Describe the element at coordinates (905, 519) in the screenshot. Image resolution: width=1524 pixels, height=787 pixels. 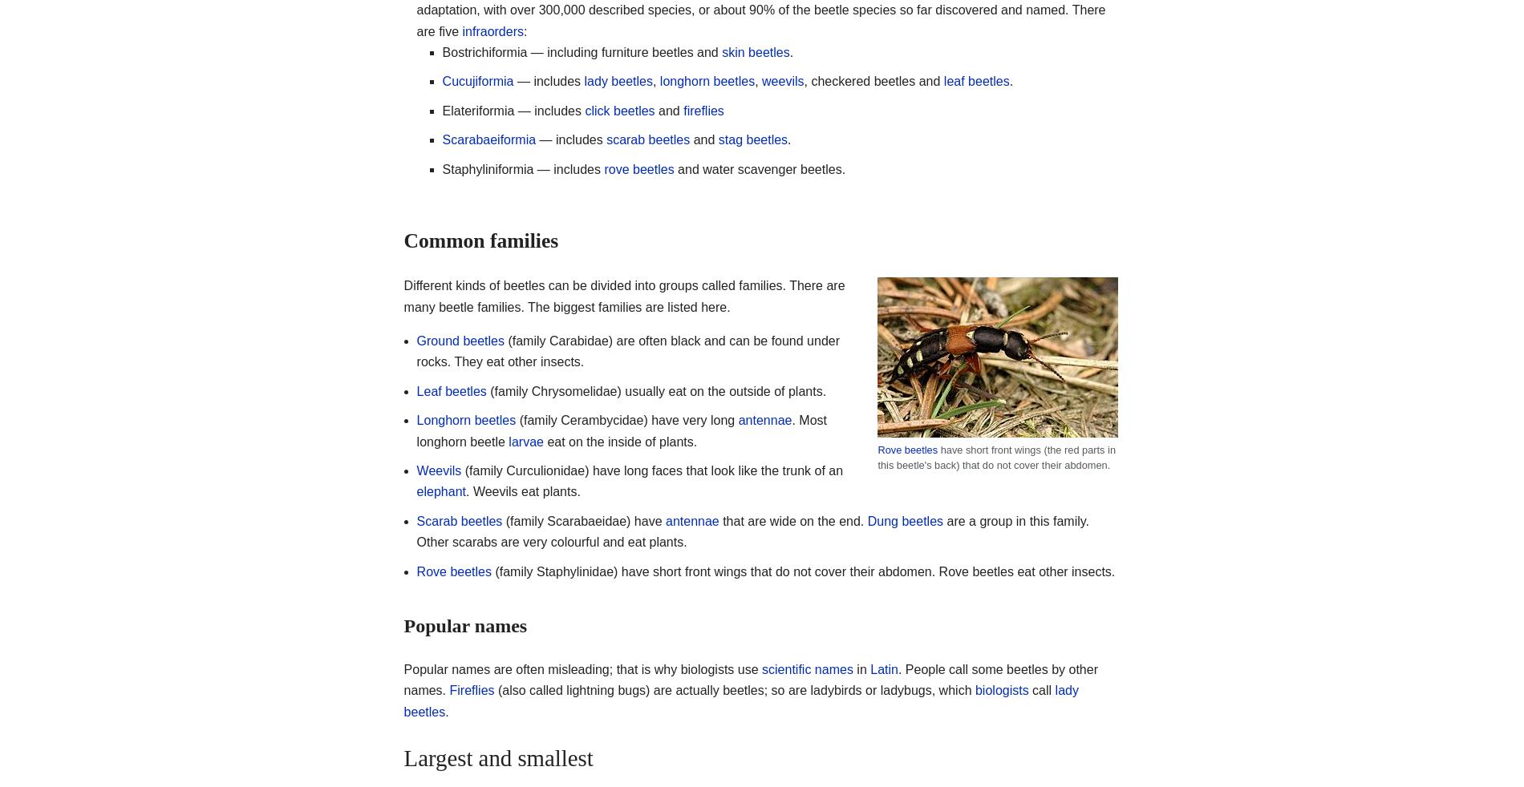
I see `'Dung beetles'` at that location.